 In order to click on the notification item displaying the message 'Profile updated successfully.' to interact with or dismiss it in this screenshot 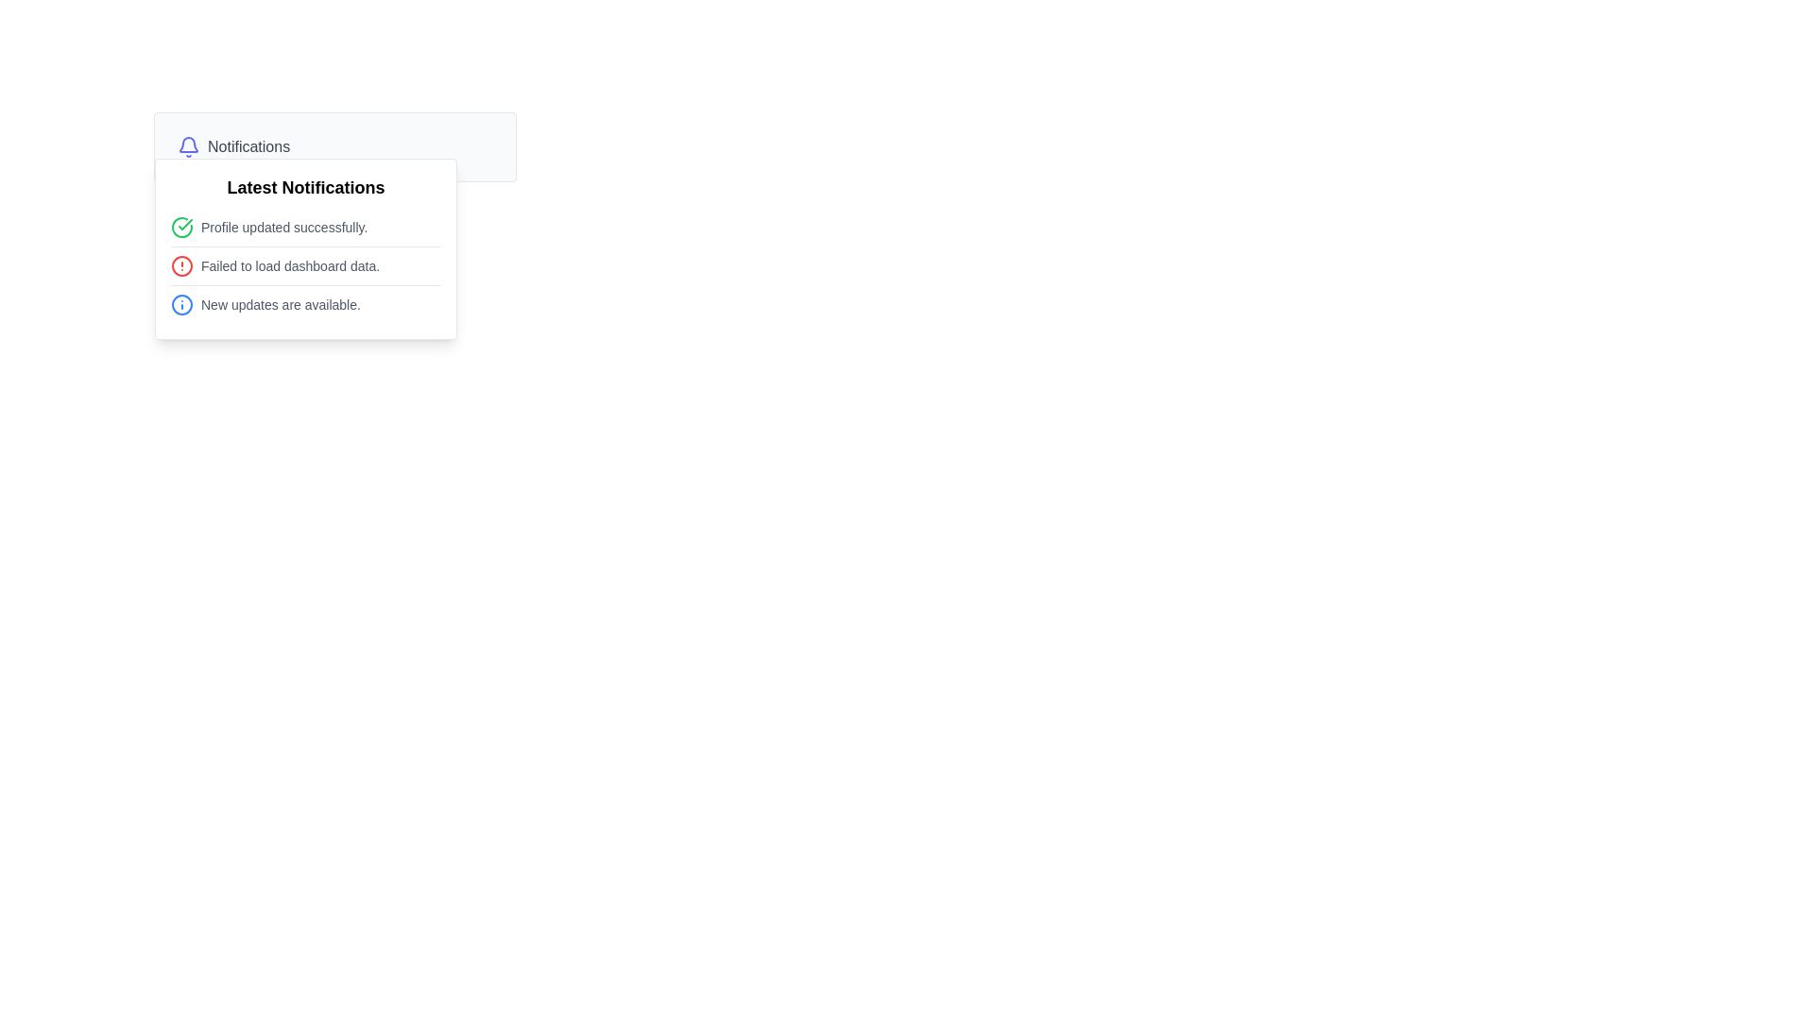, I will do `click(306, 226)`.